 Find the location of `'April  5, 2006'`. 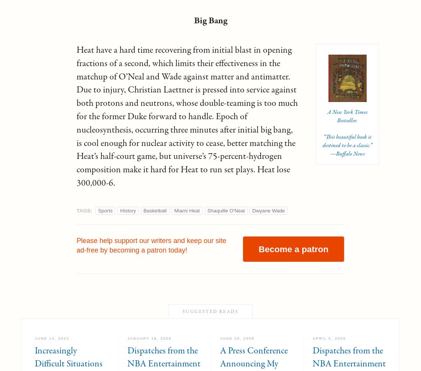

'April  5, 2006' is located at coordinates (329, 338).